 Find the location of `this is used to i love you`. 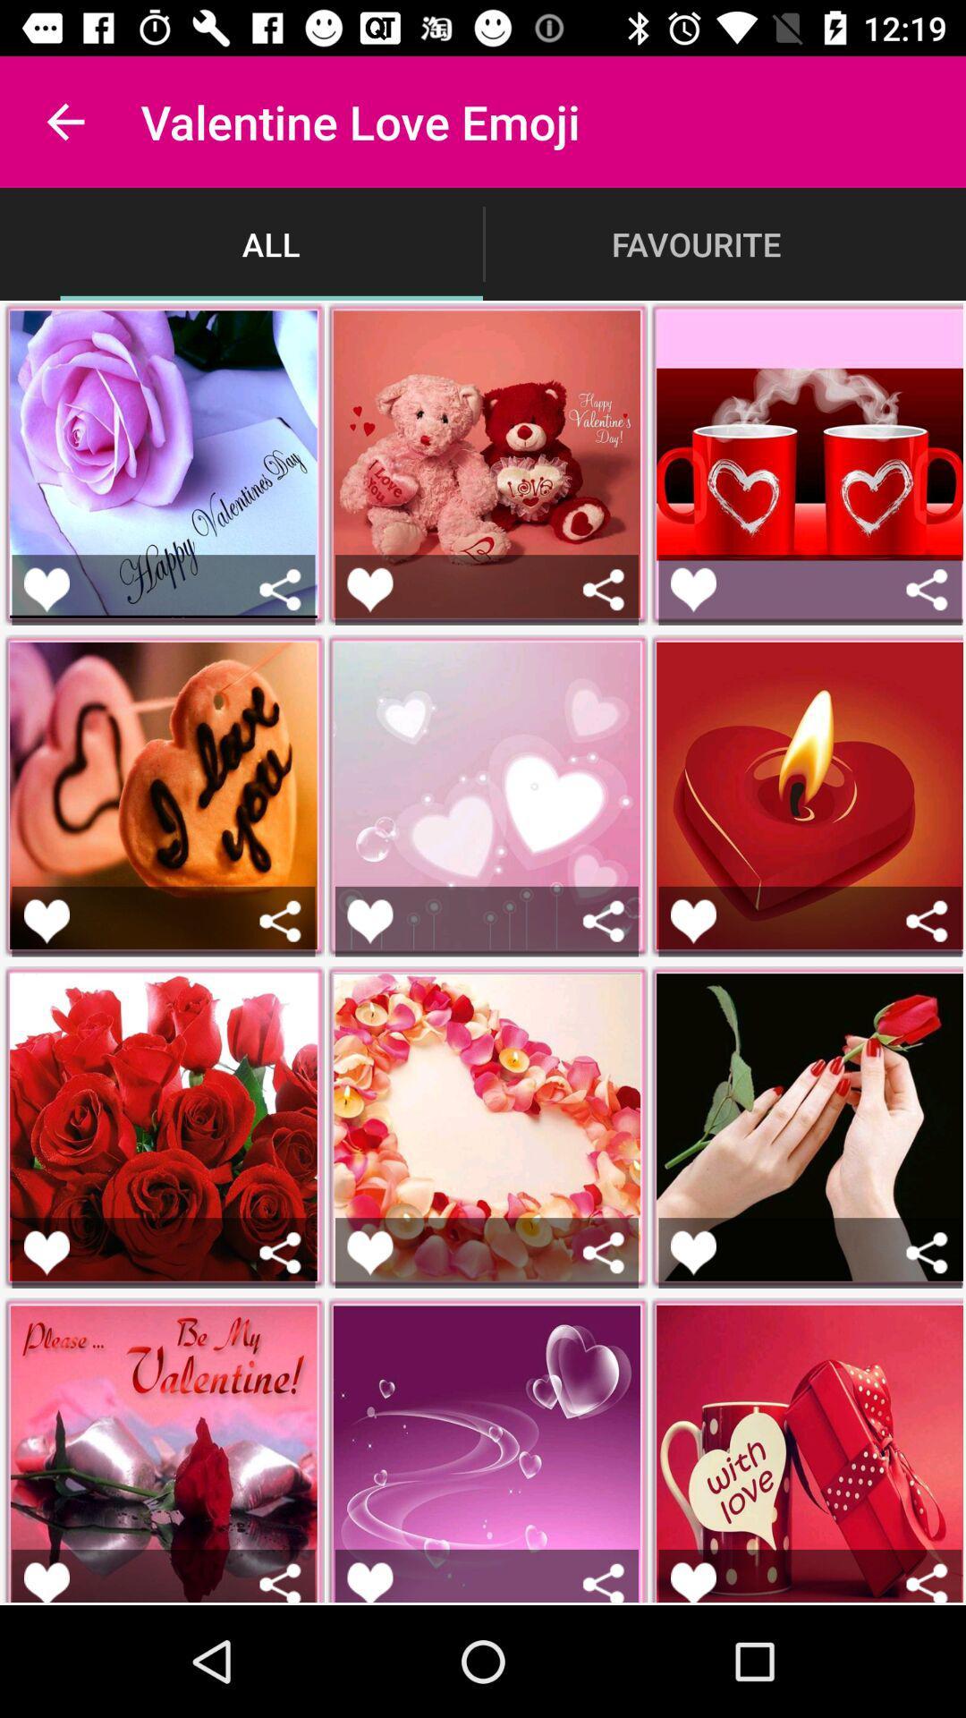

this is used to i love you is located at coordinates (46, 921).